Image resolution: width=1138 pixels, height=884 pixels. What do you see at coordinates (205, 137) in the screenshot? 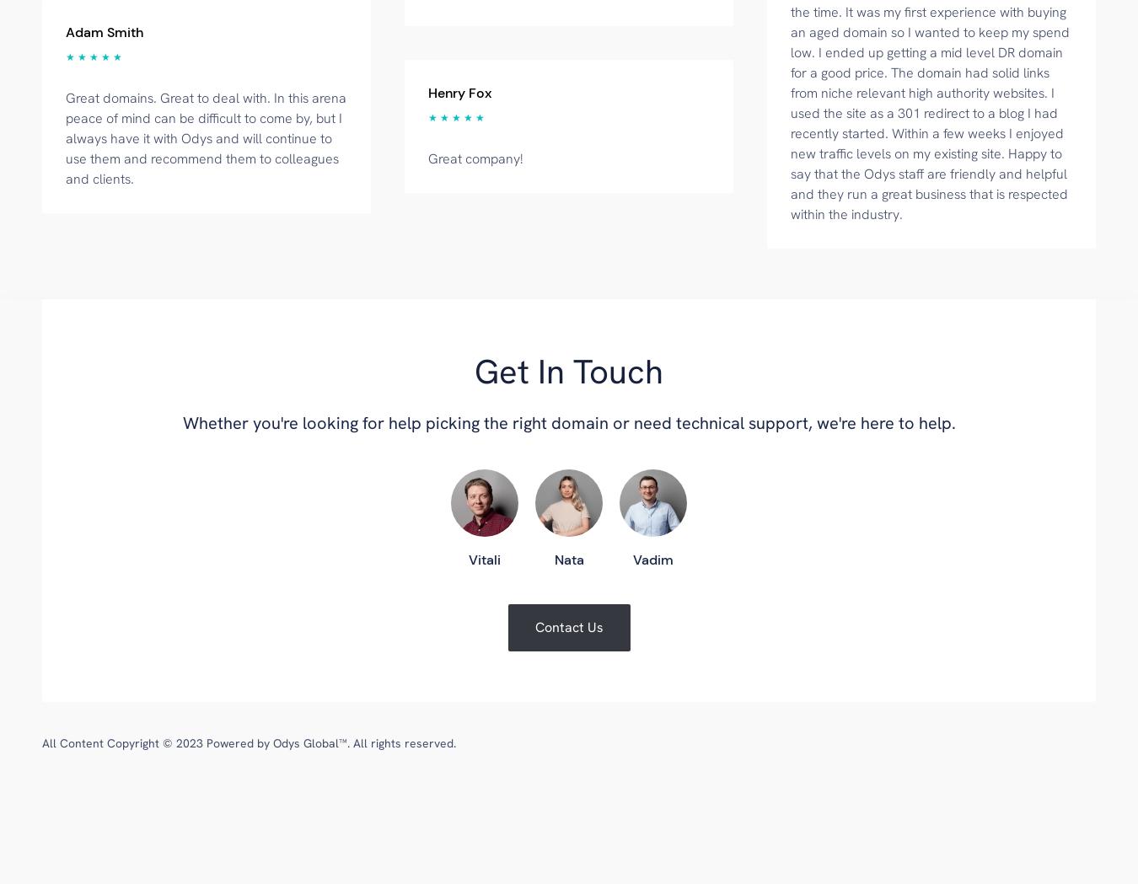
I see `'Great domains. Great to deal with. In this arena peace of mind can be difficult to come by, but I always have it with Odys and will continue to use them and recommend them to colleagues and clients.'` at bounding box center [205, 137].